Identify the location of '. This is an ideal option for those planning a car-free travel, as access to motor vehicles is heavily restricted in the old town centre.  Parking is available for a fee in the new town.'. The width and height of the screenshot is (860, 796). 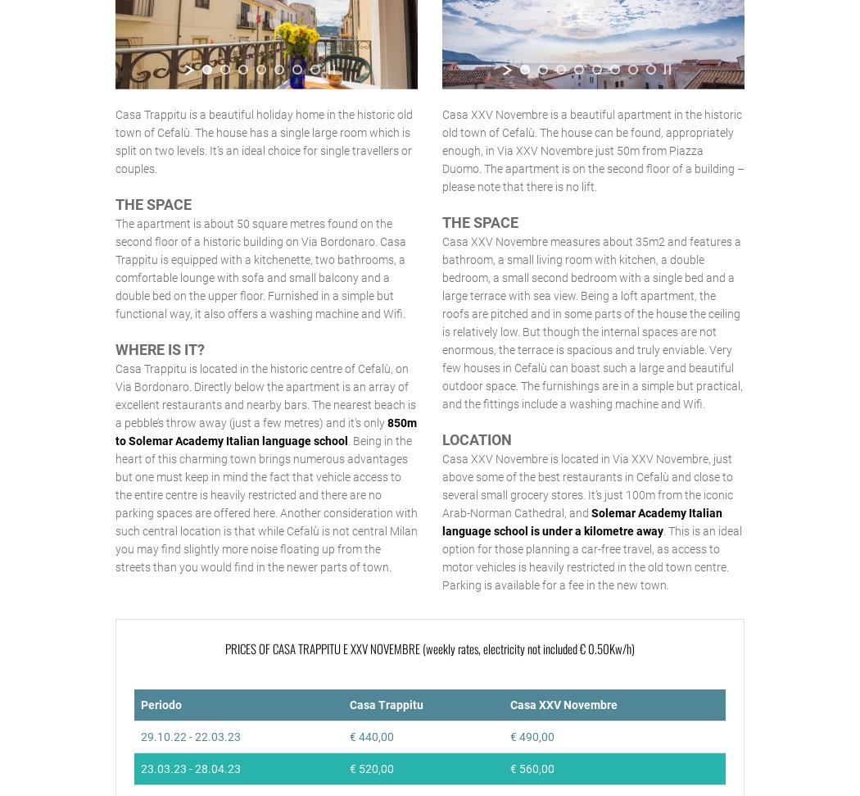
(591, 557).